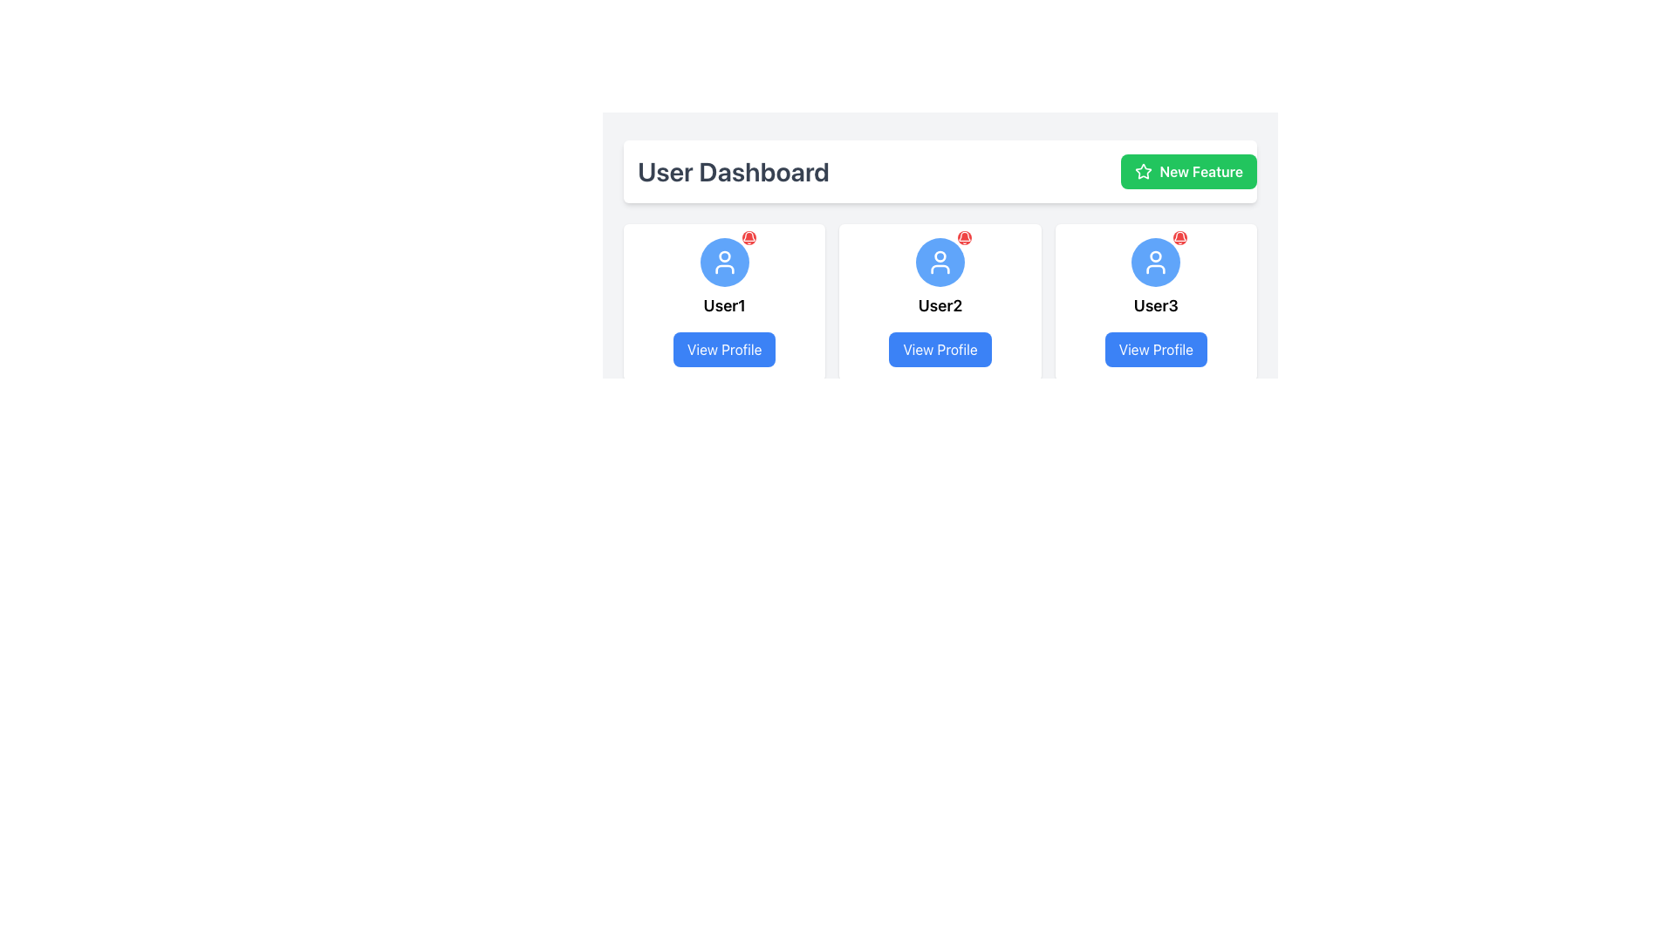  What do you see at coordinates (1180, 238) in the screenshot?
I see `the small notification icon styled as a bell located at the top-right corner of the user's profile picture` at bounding box center [1180, 238].